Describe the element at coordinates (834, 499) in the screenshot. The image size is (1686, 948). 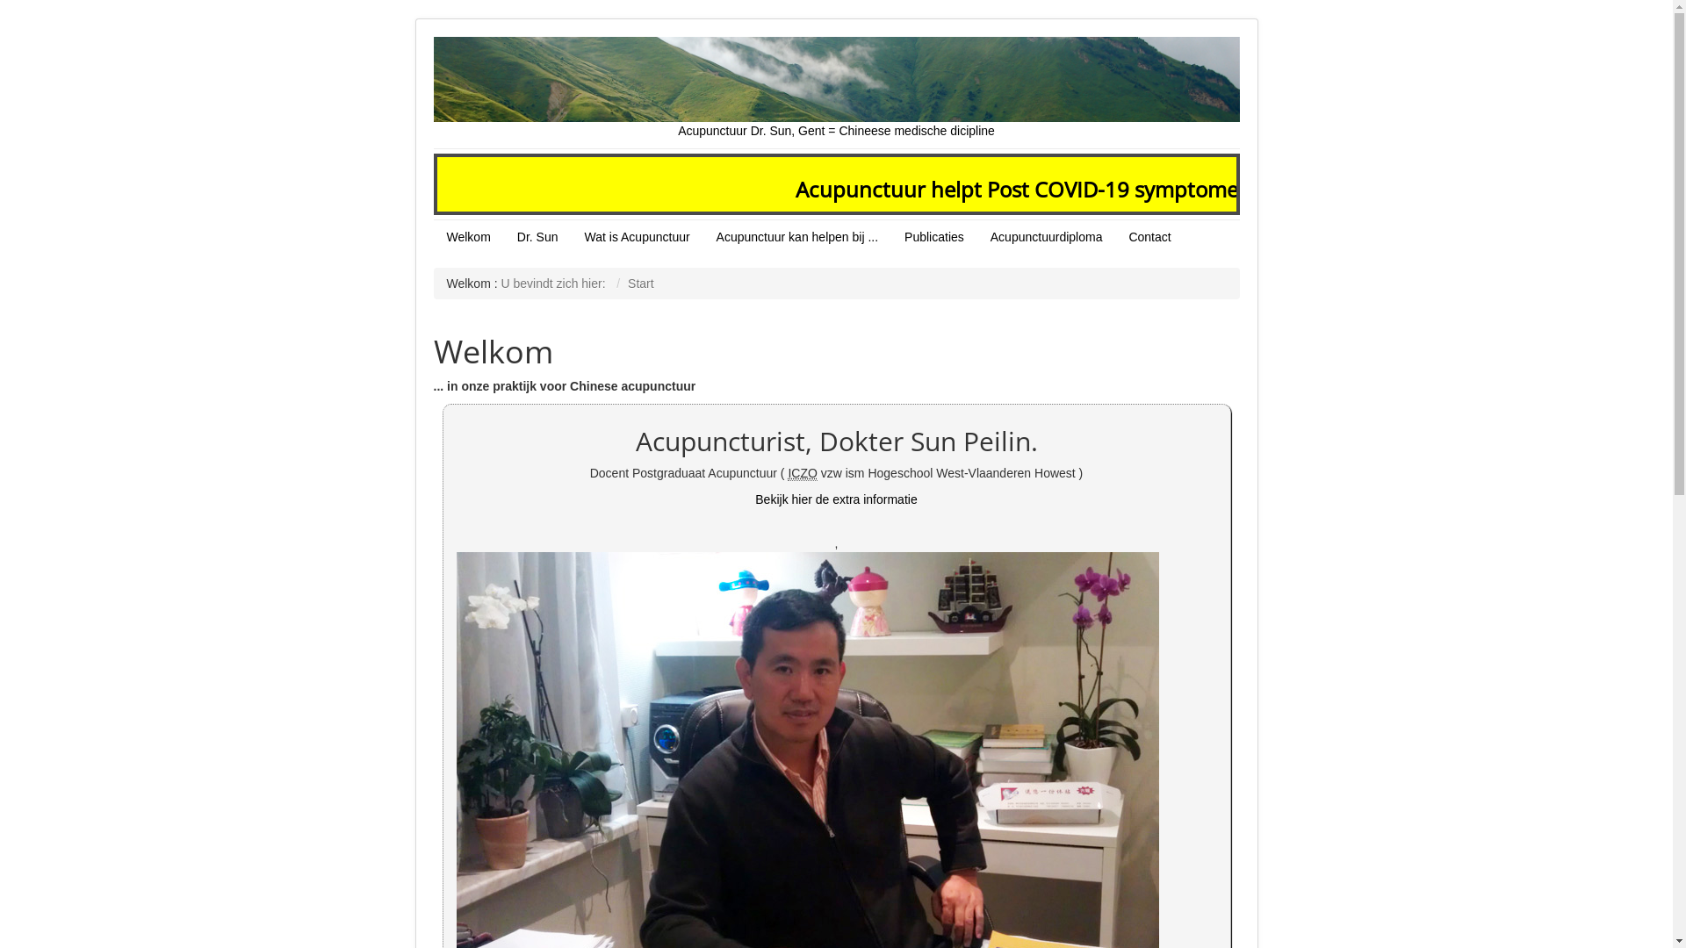
I see `'Bekijk hier de extra informatie'` at that location.